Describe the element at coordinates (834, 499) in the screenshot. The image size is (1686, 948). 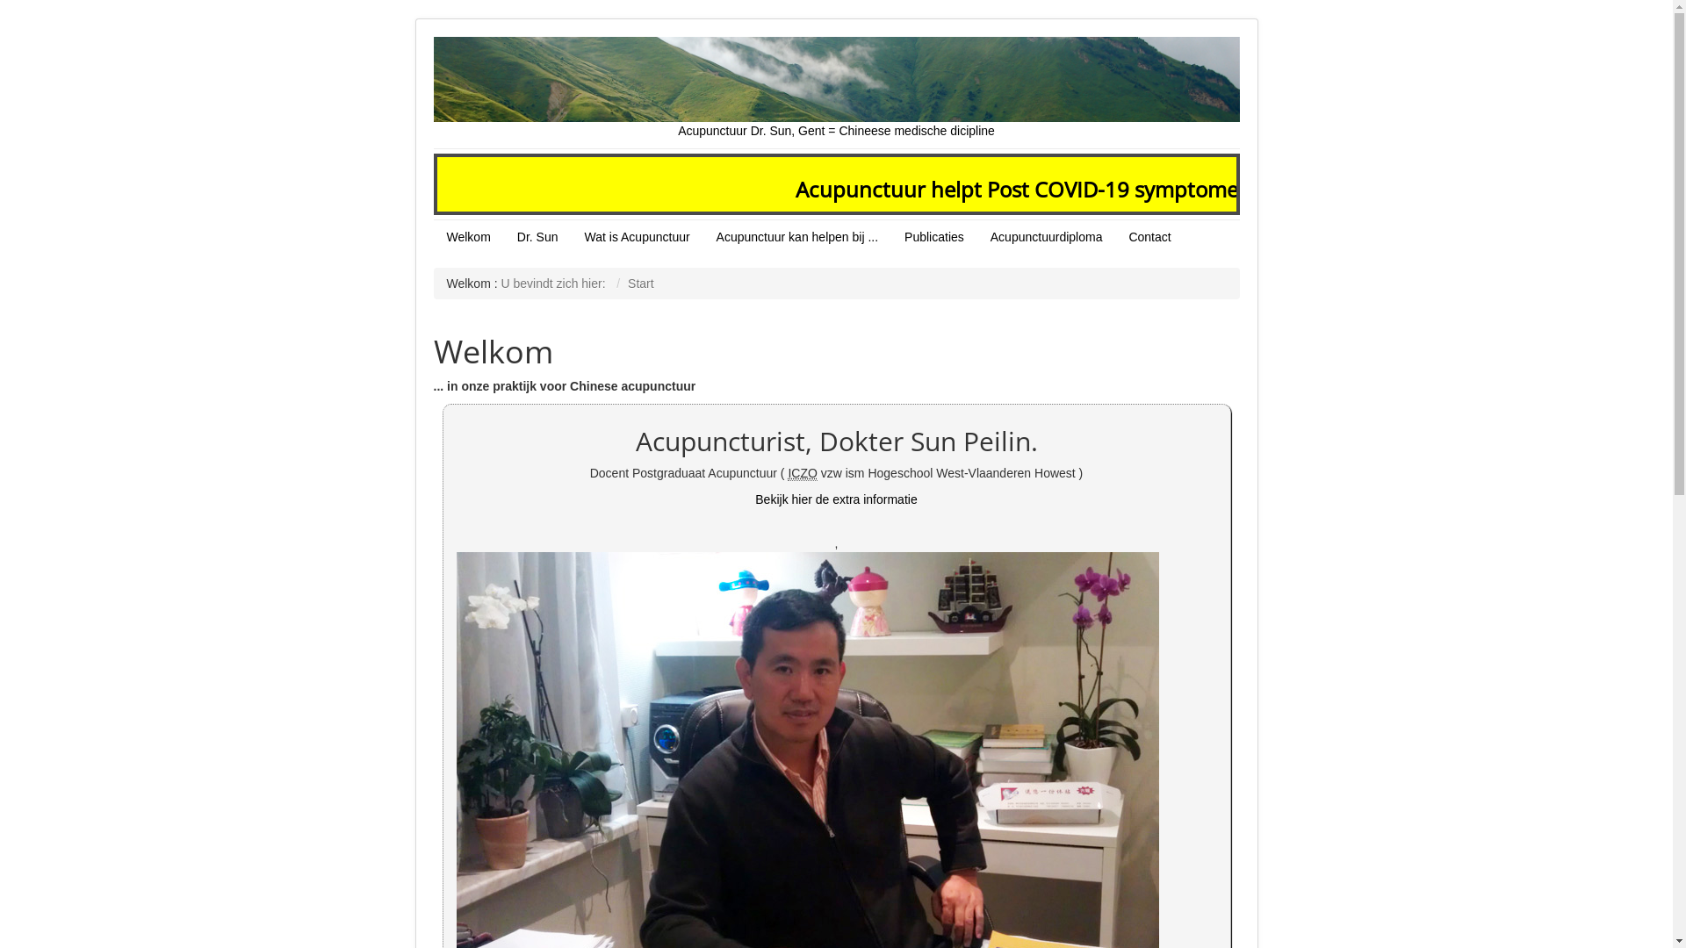
I see `'Bekijk hier de extra informatie'` at that location.